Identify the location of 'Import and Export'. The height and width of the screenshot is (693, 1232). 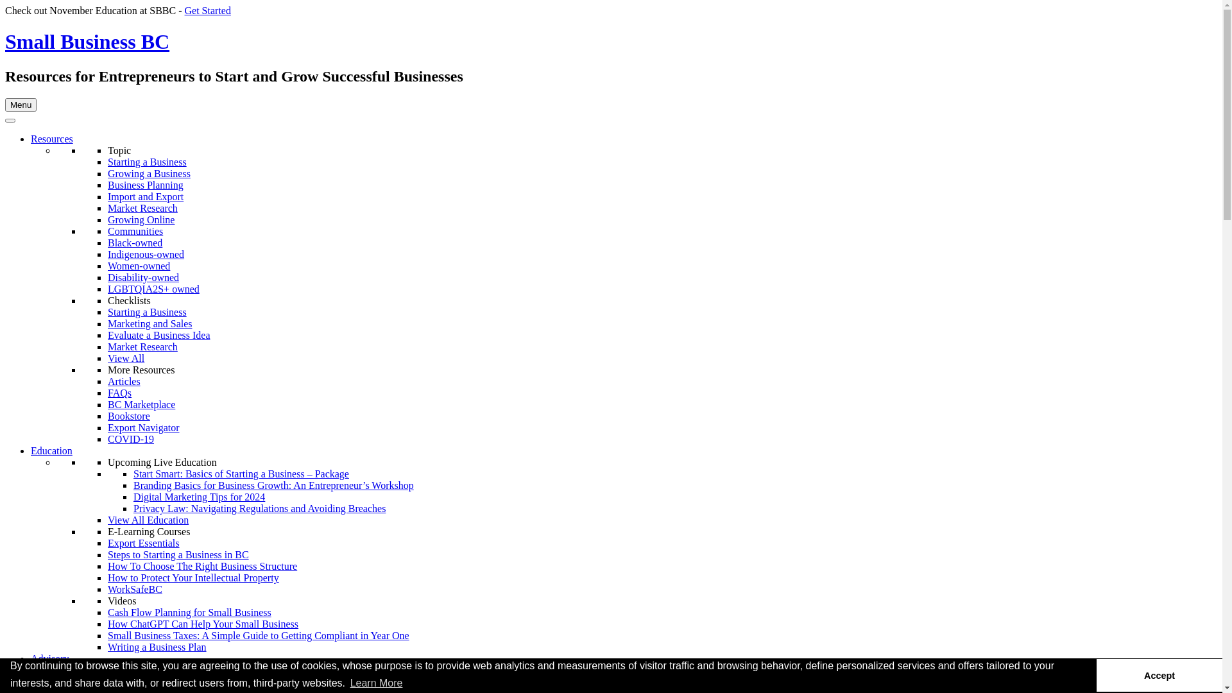
(145, 196).